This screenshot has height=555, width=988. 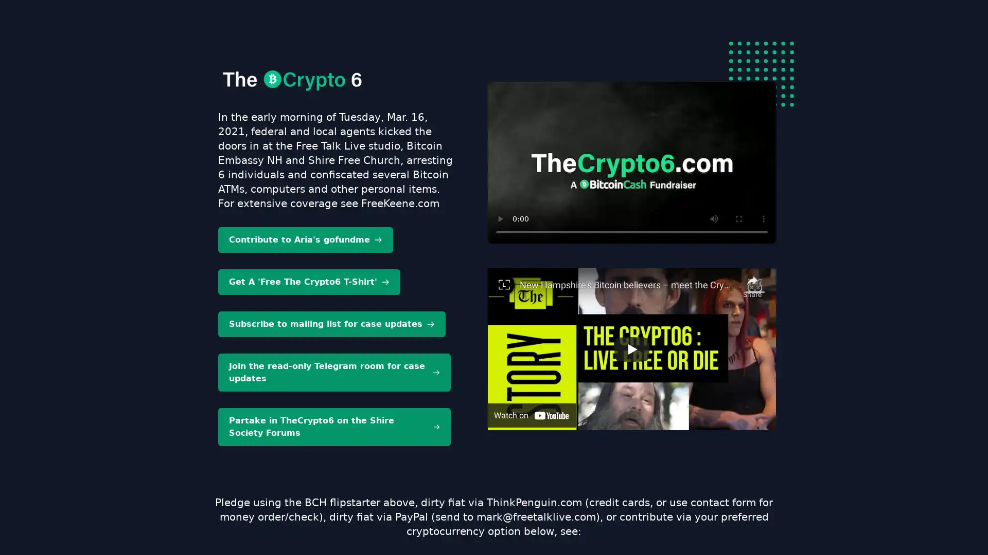 What do you see at coordinates (500, 218) in the screenshot?
I see `play` at bounding box center [500, 218].